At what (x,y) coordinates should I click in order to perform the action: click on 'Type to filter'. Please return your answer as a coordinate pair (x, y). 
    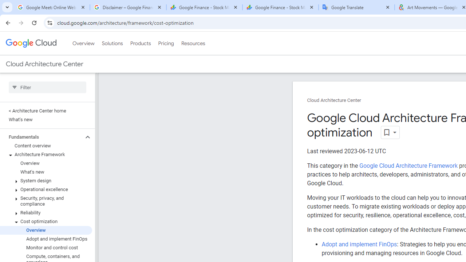
    Looking at the image, I should click on (47, 87).